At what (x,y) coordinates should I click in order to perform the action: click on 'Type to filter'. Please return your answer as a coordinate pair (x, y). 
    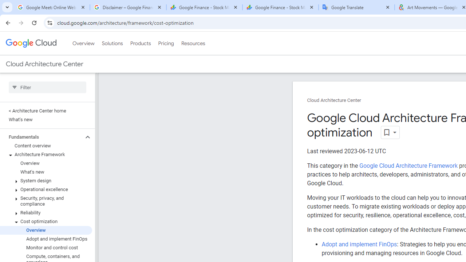
    Looking at the image, I should click on (47, 87).